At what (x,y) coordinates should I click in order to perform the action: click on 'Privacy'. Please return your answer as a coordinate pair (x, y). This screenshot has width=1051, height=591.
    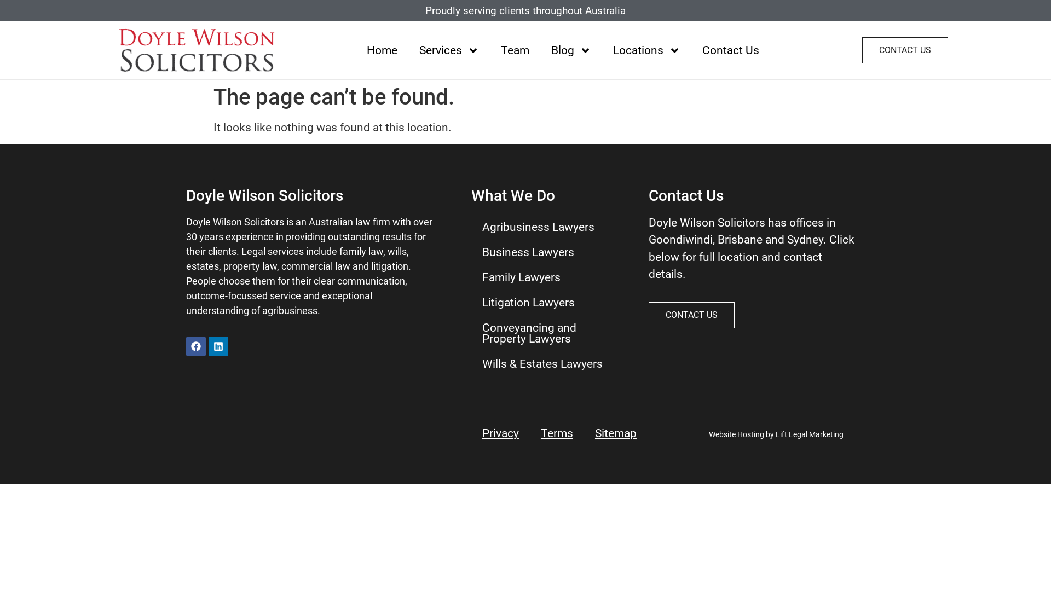
    Looking at the image, I should click on (500, 432).